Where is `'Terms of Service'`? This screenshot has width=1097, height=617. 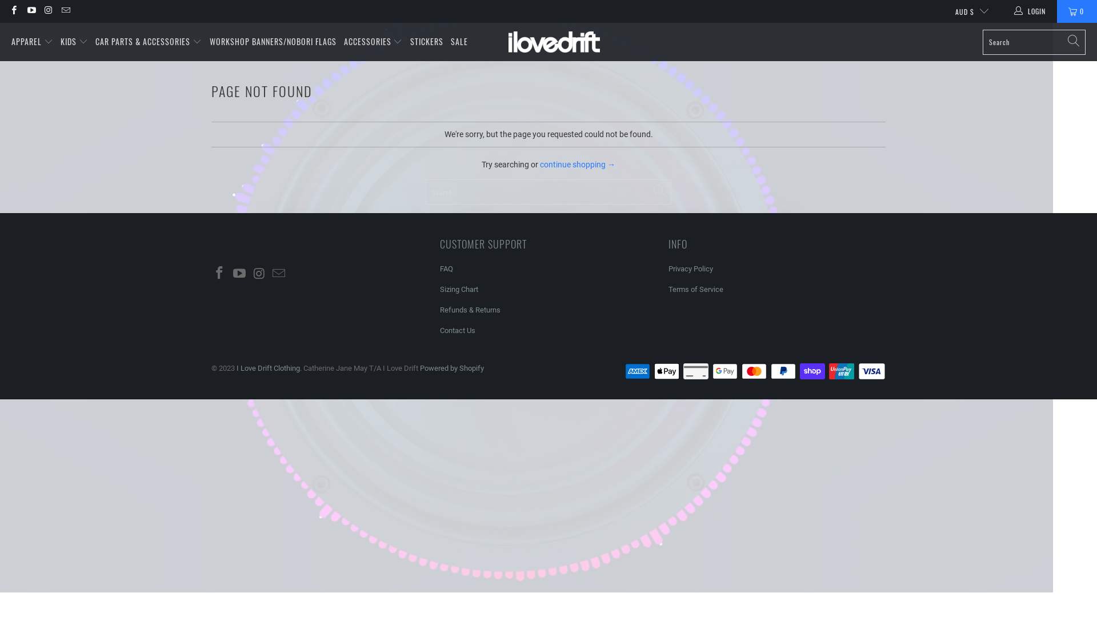
'Terms of Service' is located at coordinates (695, 289).